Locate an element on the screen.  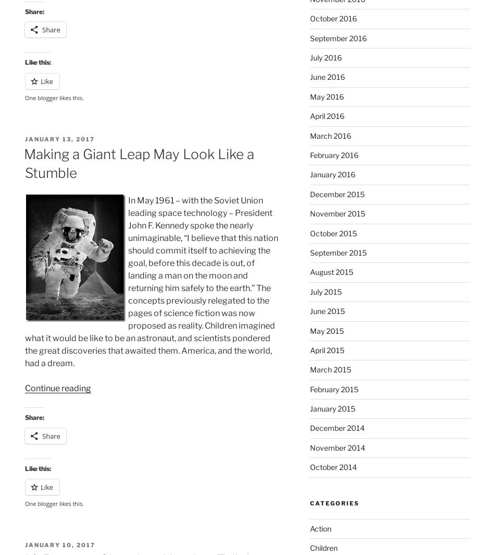
'Continue reading' is located at coordinates (24, 388).